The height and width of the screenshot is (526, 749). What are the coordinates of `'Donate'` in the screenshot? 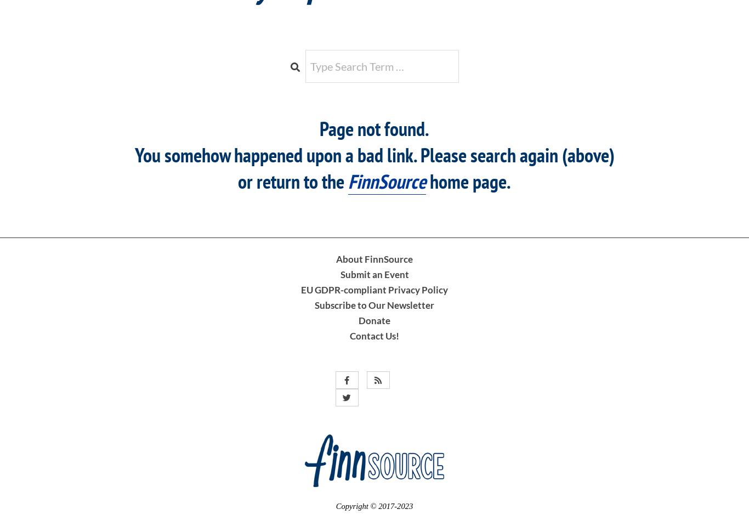 It's located at (374, 319).